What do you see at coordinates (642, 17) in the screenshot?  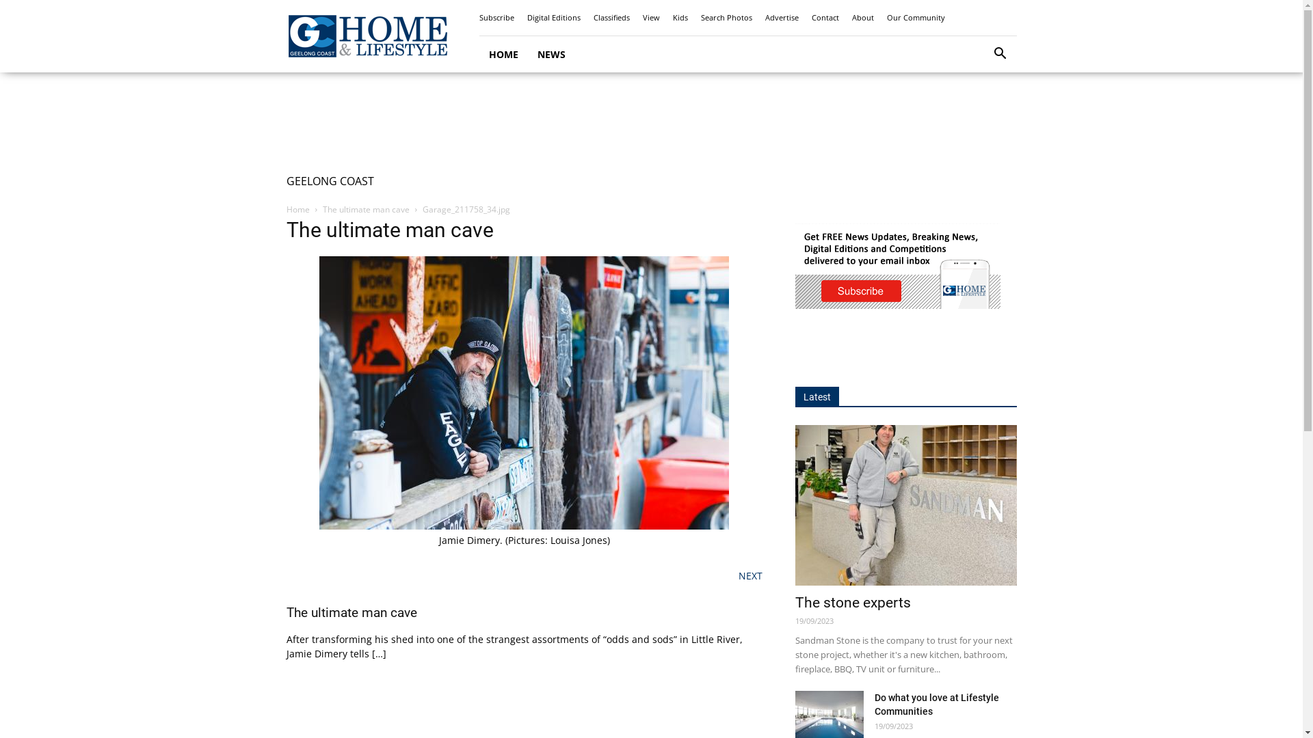 I see `'View'` at bounding box center [642, 17].